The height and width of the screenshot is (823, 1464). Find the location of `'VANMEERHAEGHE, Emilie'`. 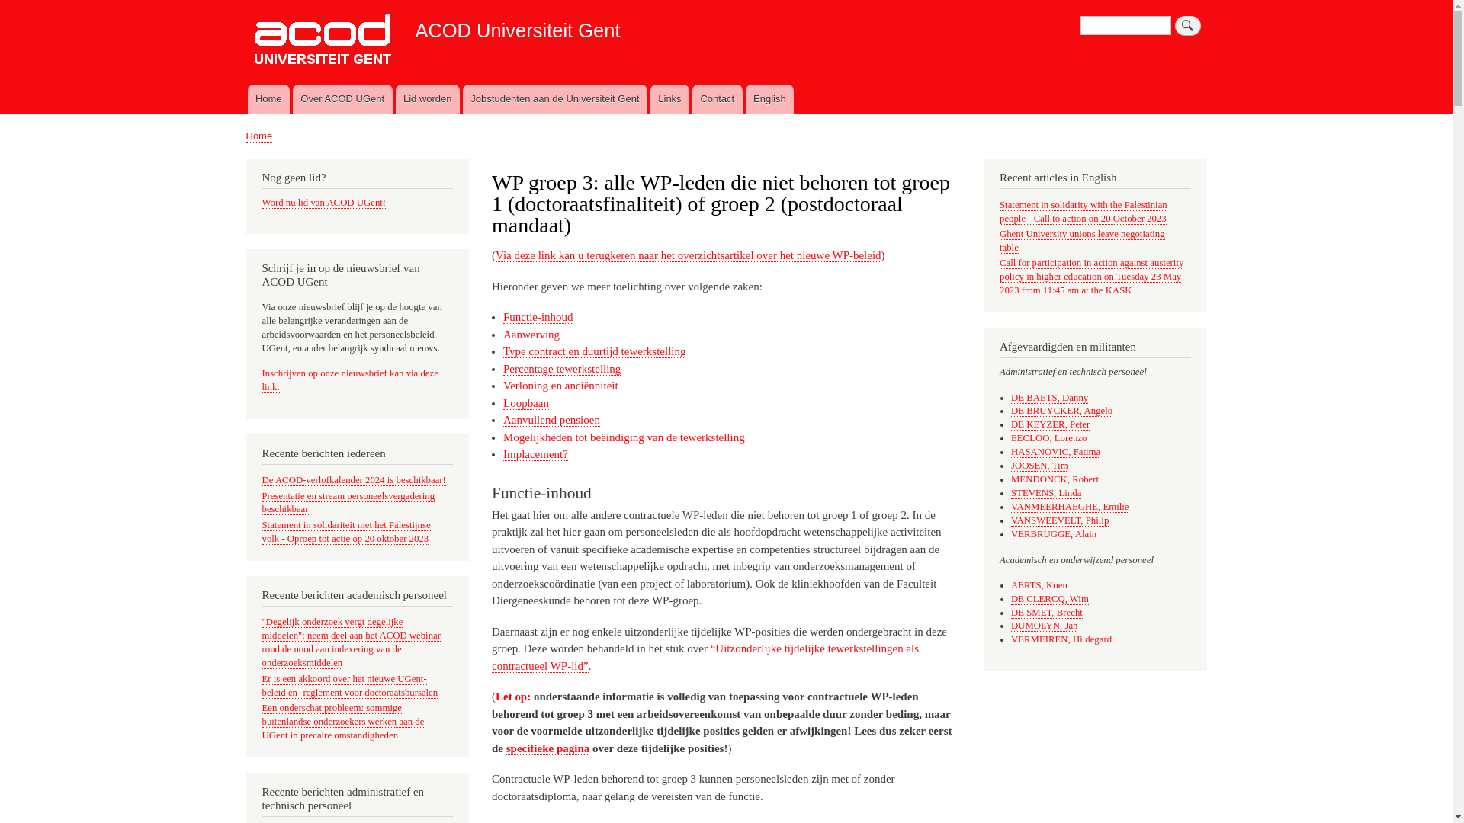

'VANMEERHAEGHE, Emilie' is located at coordinates (1010, 507).